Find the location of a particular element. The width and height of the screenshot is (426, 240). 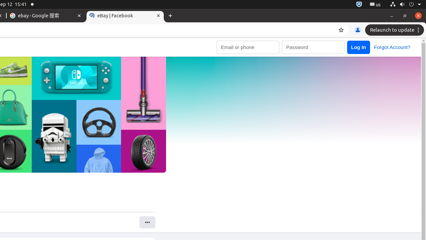

'You' is located at coordinates (357, 30).